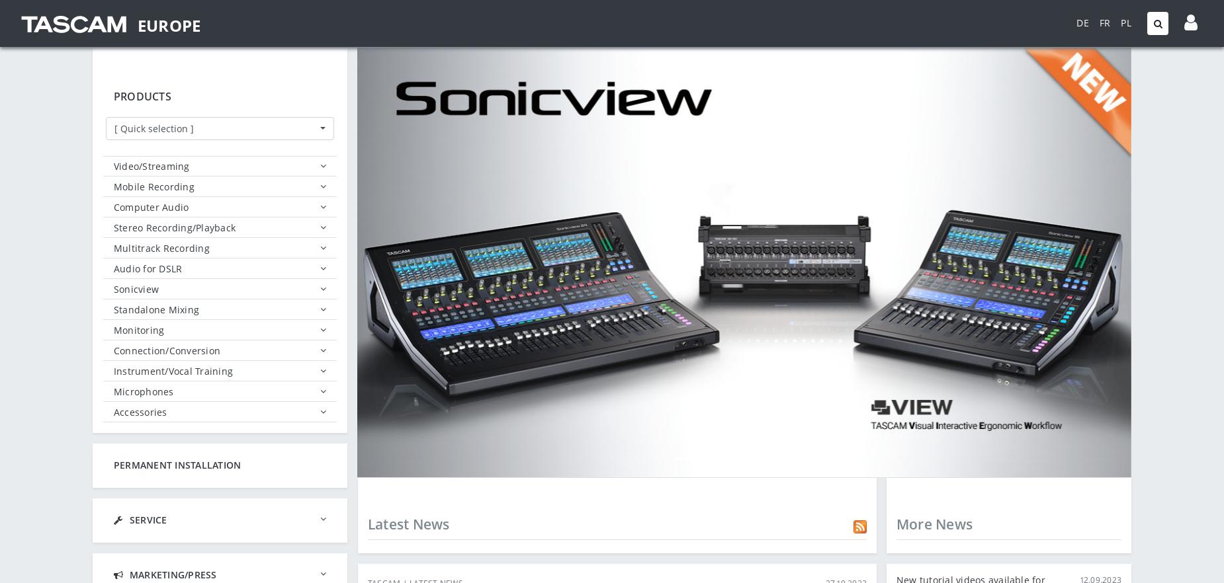  What do you see at coordinates (173, 227) in the screenshot?
I see `'Stereo Recording/Playback'` at bounding box center [173, 227].